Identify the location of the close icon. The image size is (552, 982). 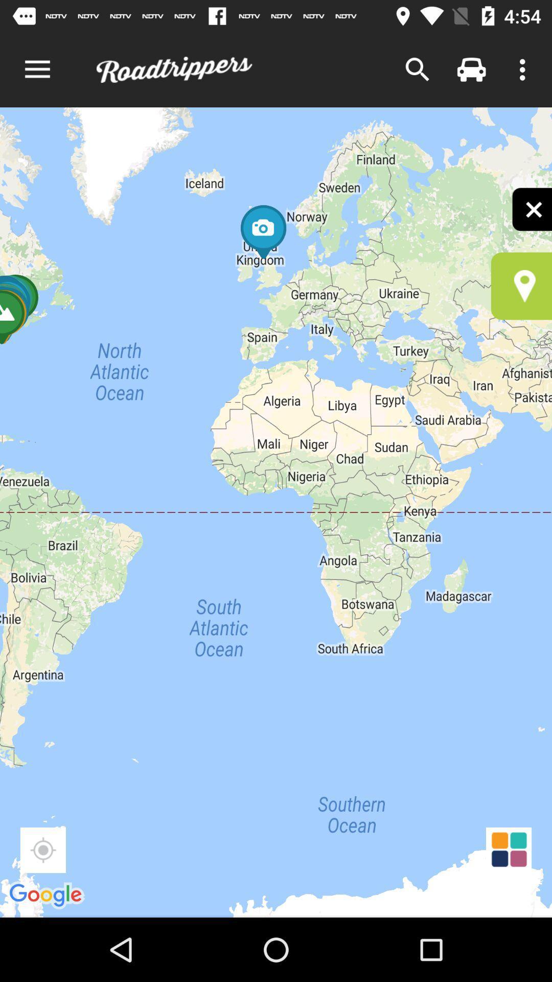
(531, 209).